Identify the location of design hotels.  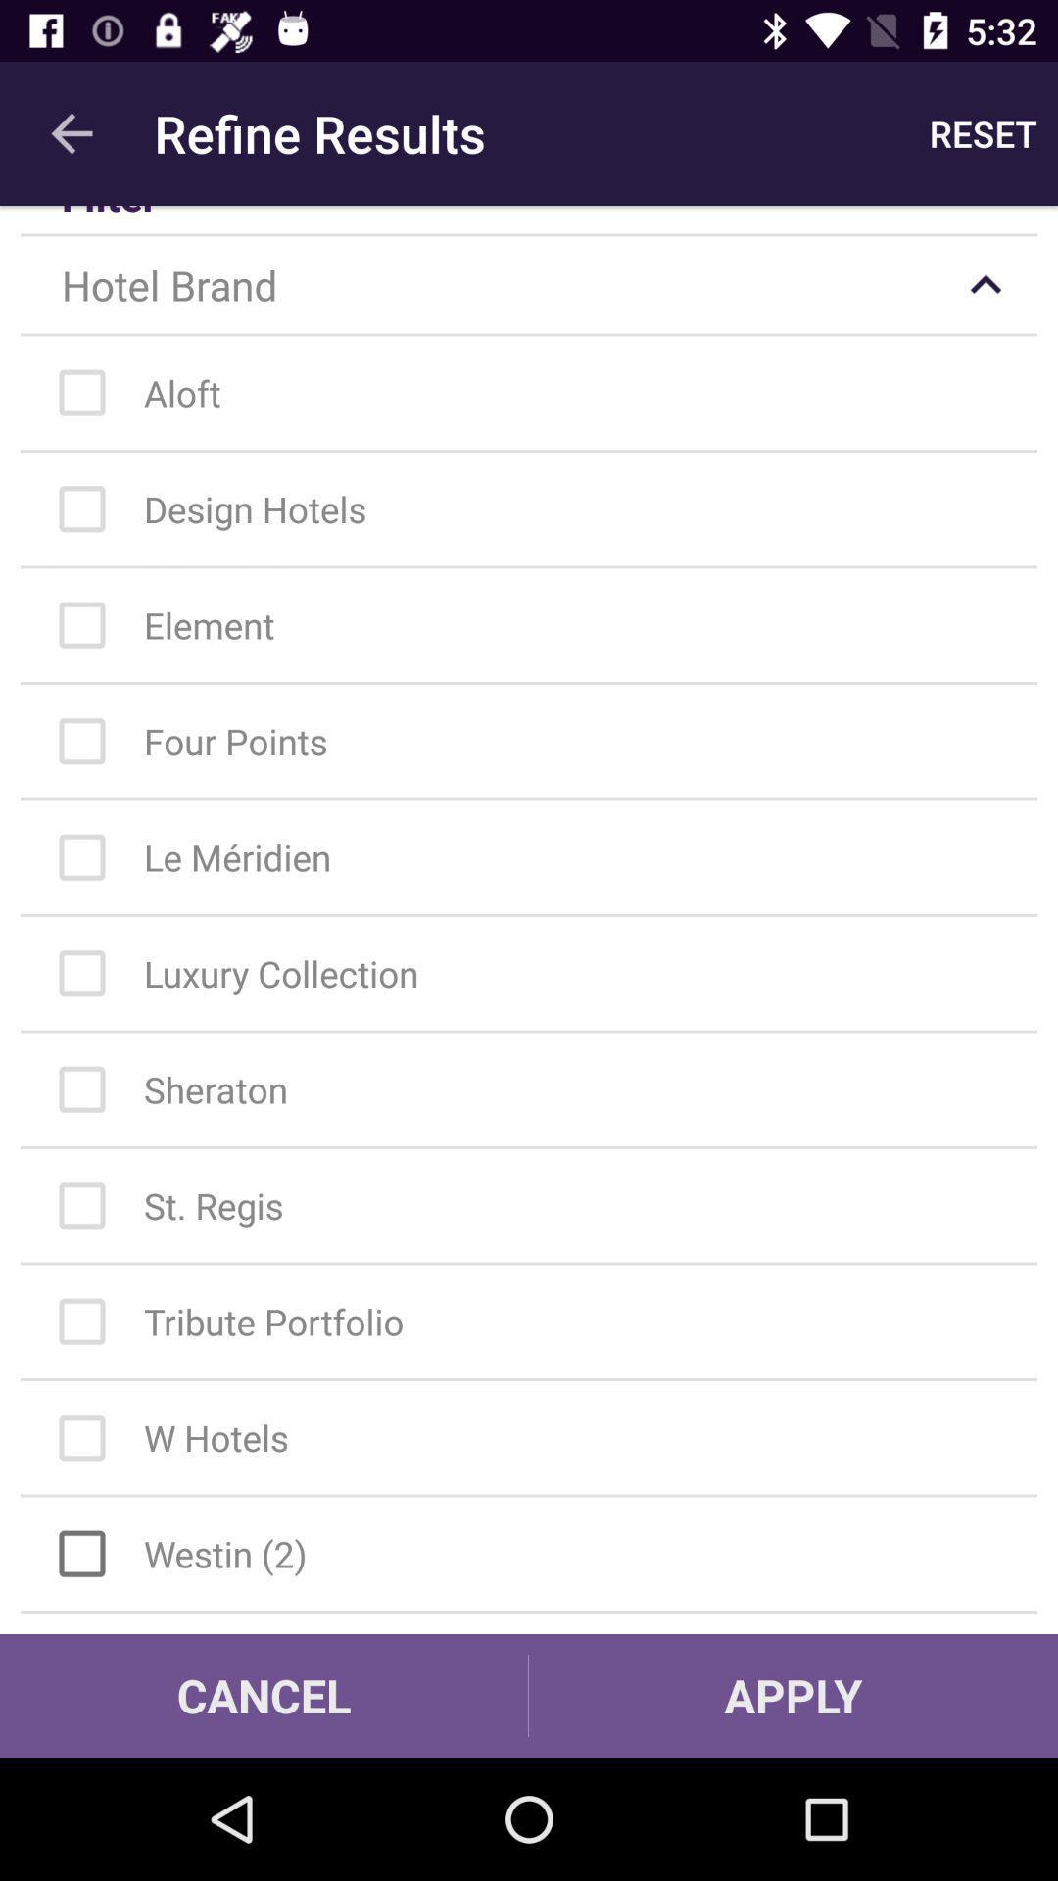
(539, 508).